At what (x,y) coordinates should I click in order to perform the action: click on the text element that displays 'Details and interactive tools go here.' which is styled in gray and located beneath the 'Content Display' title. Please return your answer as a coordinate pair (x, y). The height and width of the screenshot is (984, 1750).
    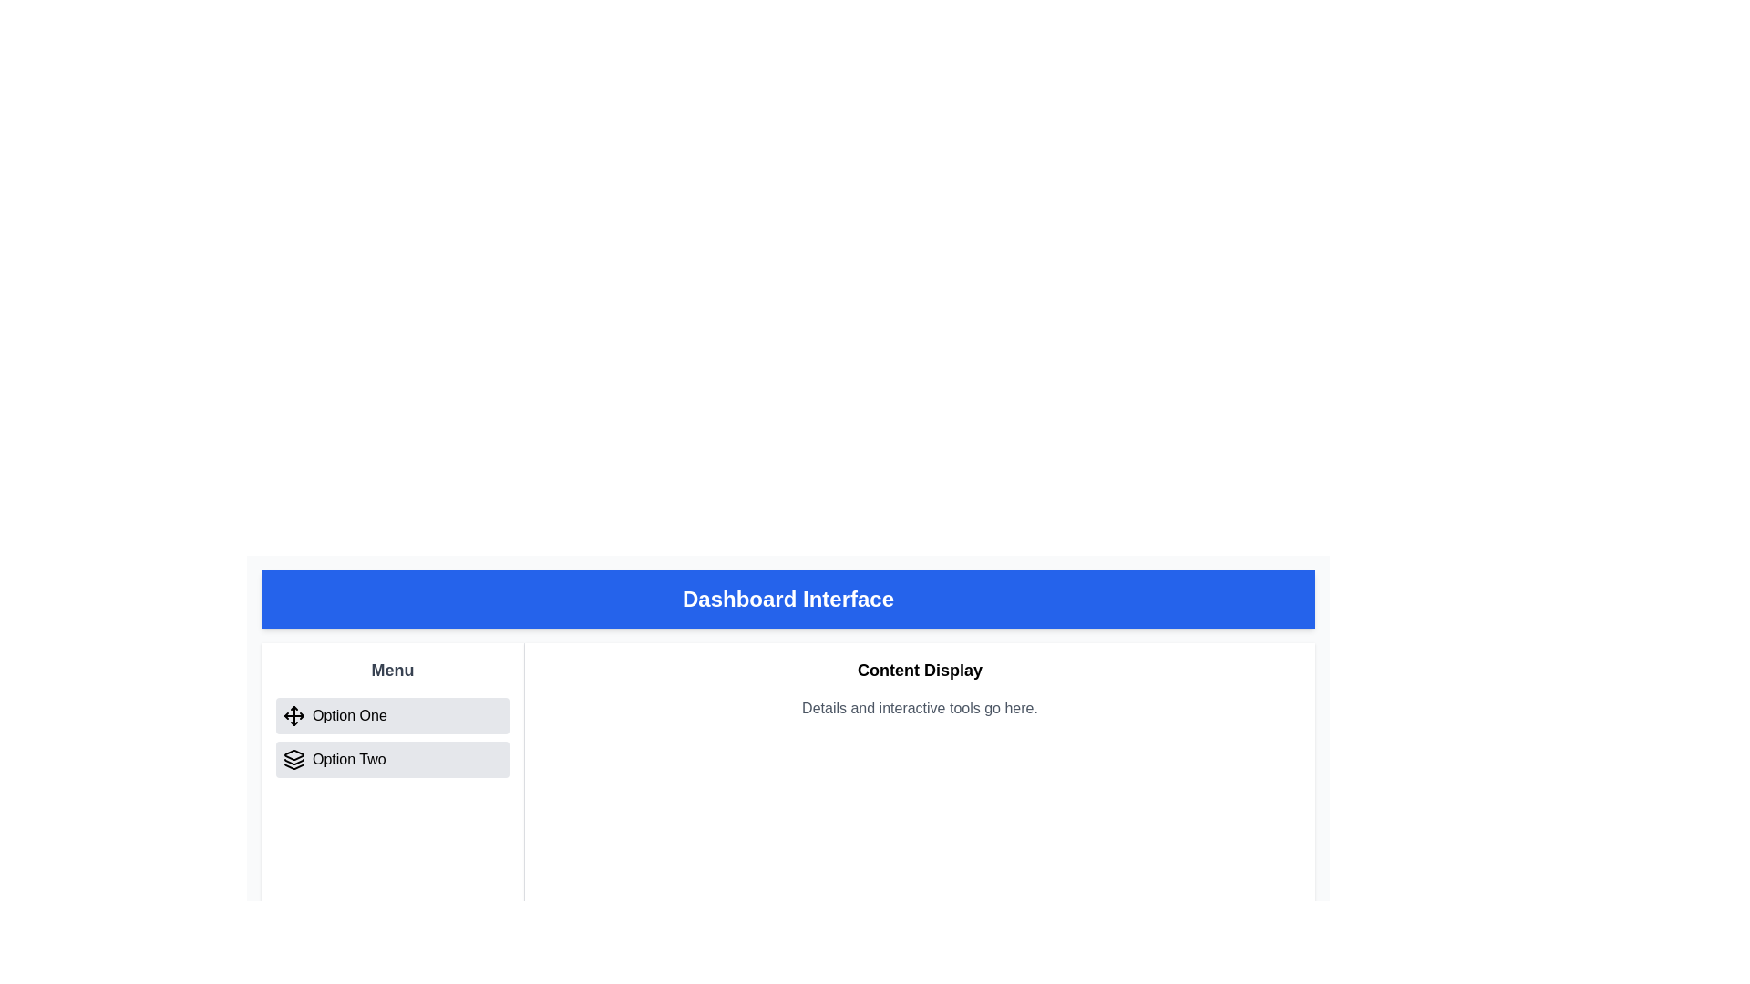
    Looking at the image, I should click on (920, 708).